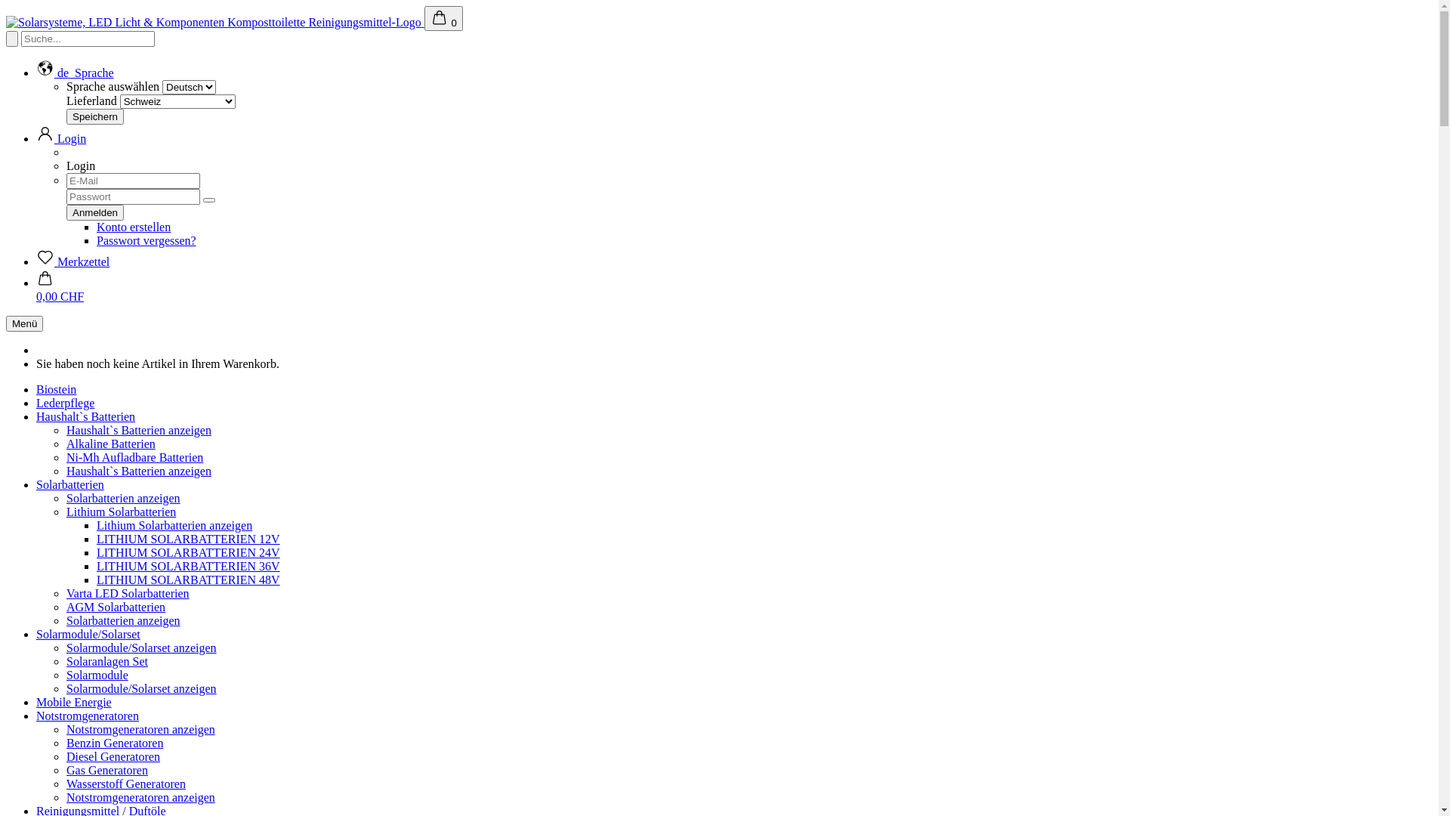 This screenshot has width=1450, height=816. What do you see at coordinates (65, 592) in the screenshot?
I see `'Varta LED Solarbatterien'` at bounding box center [65, 592].